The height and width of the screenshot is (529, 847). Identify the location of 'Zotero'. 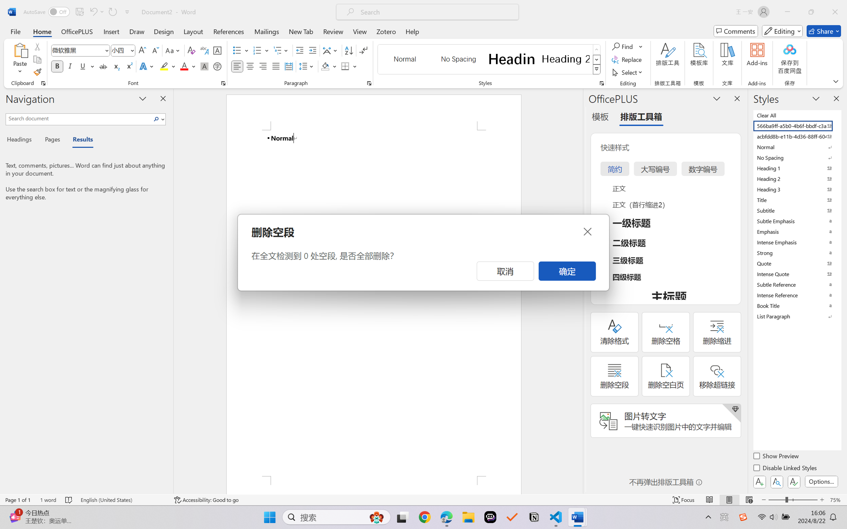
(386, 31).